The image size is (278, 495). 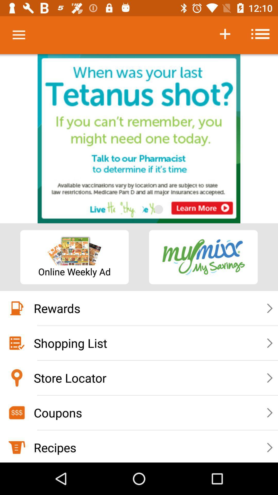 I want to click on access advertisement, so click(x=139, y=139).